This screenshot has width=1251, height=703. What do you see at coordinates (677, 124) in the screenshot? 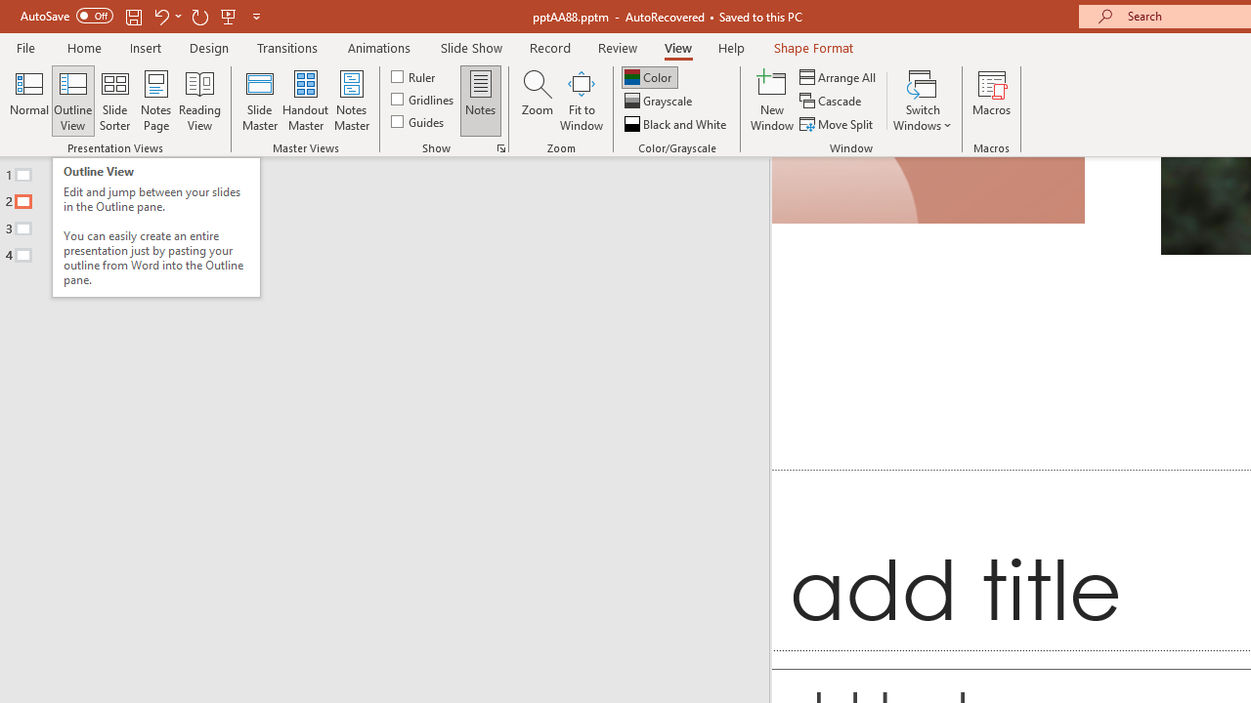
I see `'Black and White'` at bounding box center [677, 124].